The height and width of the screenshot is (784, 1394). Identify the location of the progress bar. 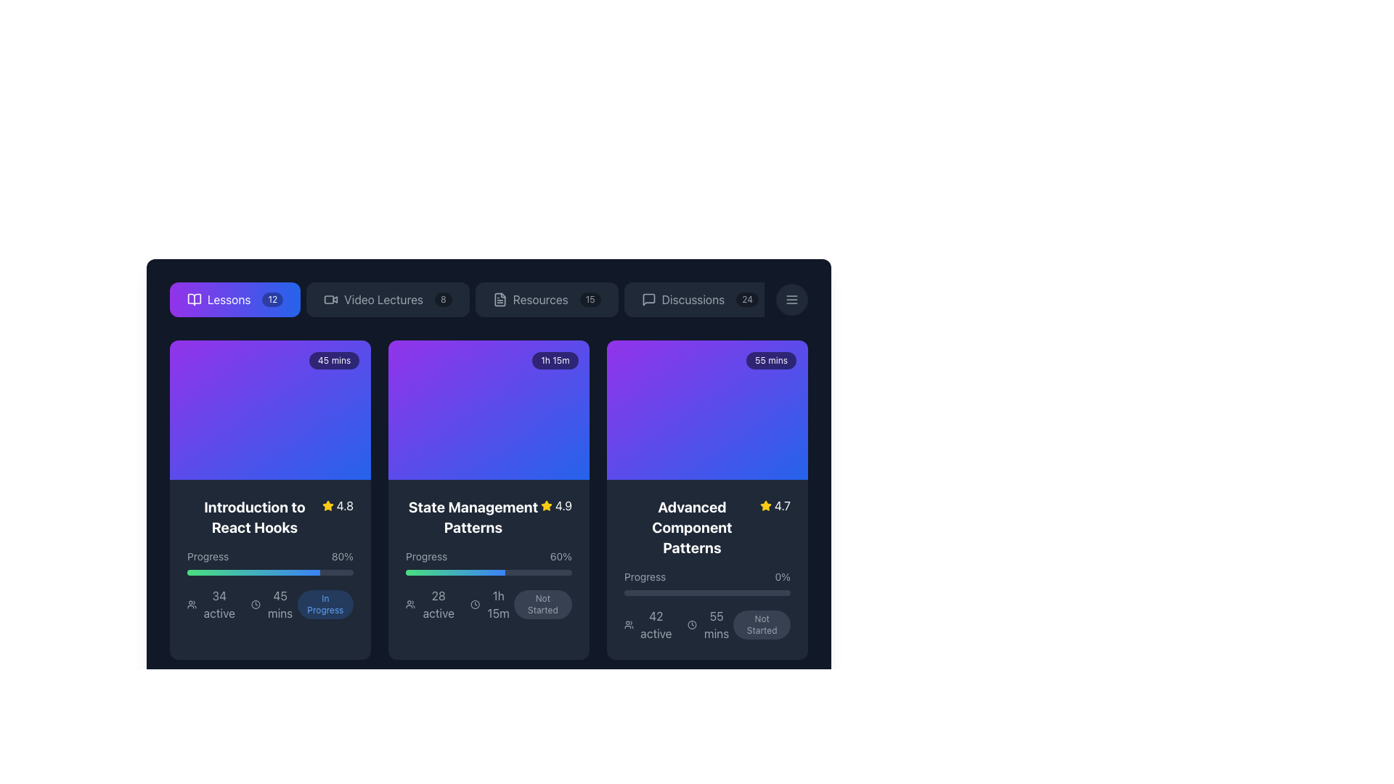
(193, 572).